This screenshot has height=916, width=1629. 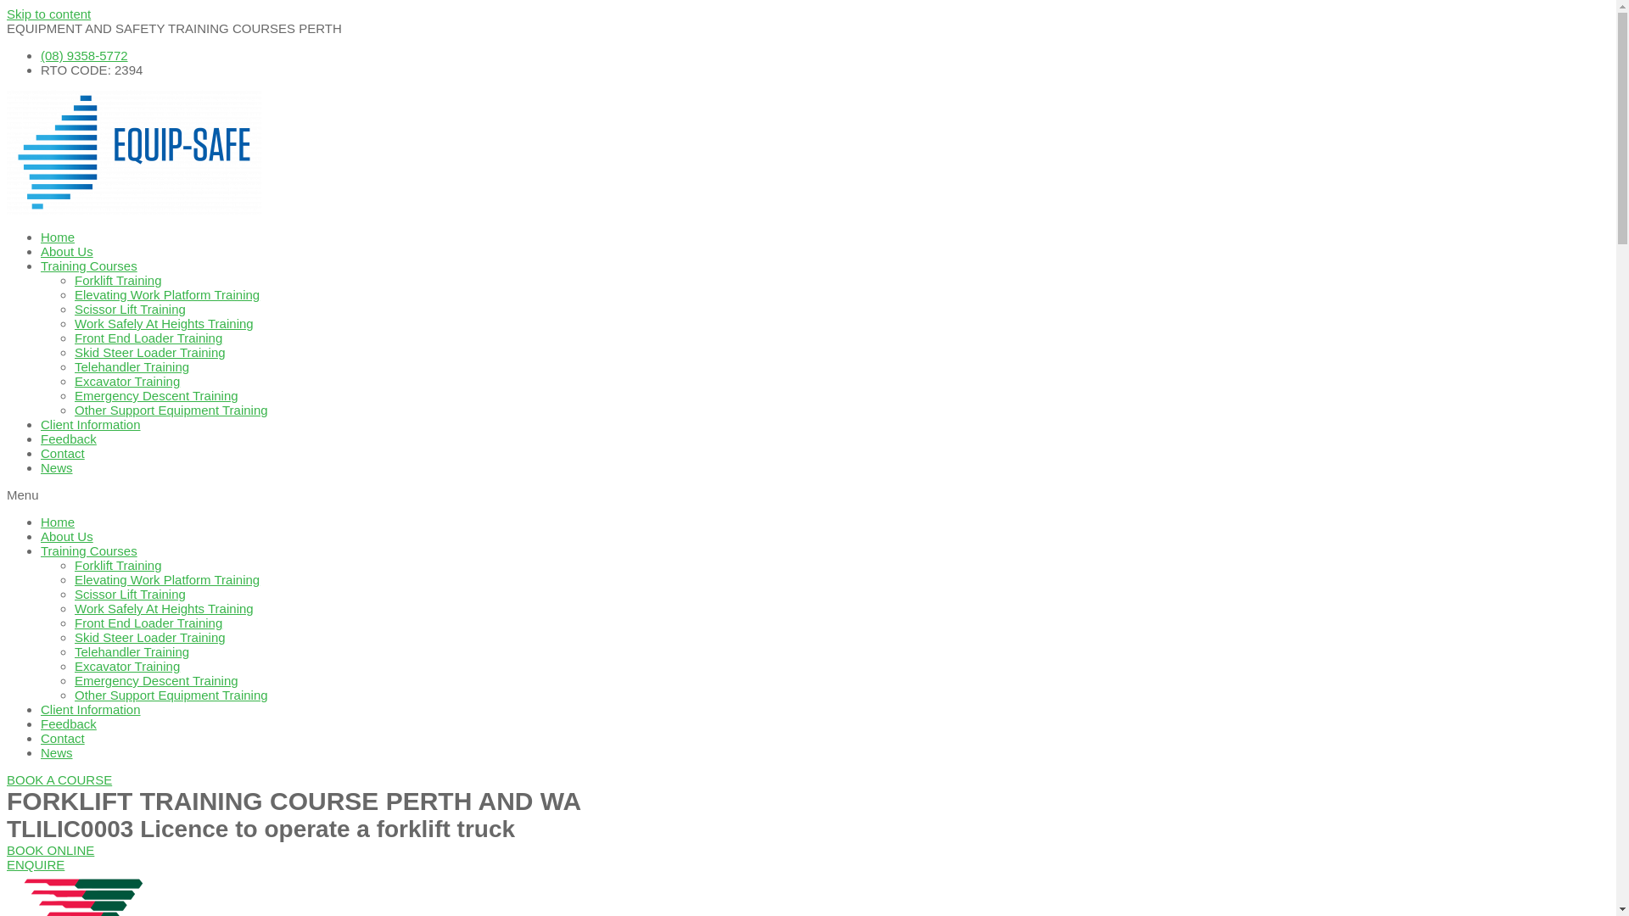 What do you see at coordinates (89, 423) in the screenshot?
I see `'Client Information'` at bounding box center [89, 423].